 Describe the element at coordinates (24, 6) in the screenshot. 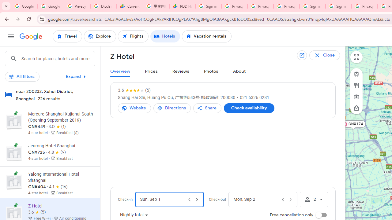

I see `'Google Workspace Admin Community'` at that location.